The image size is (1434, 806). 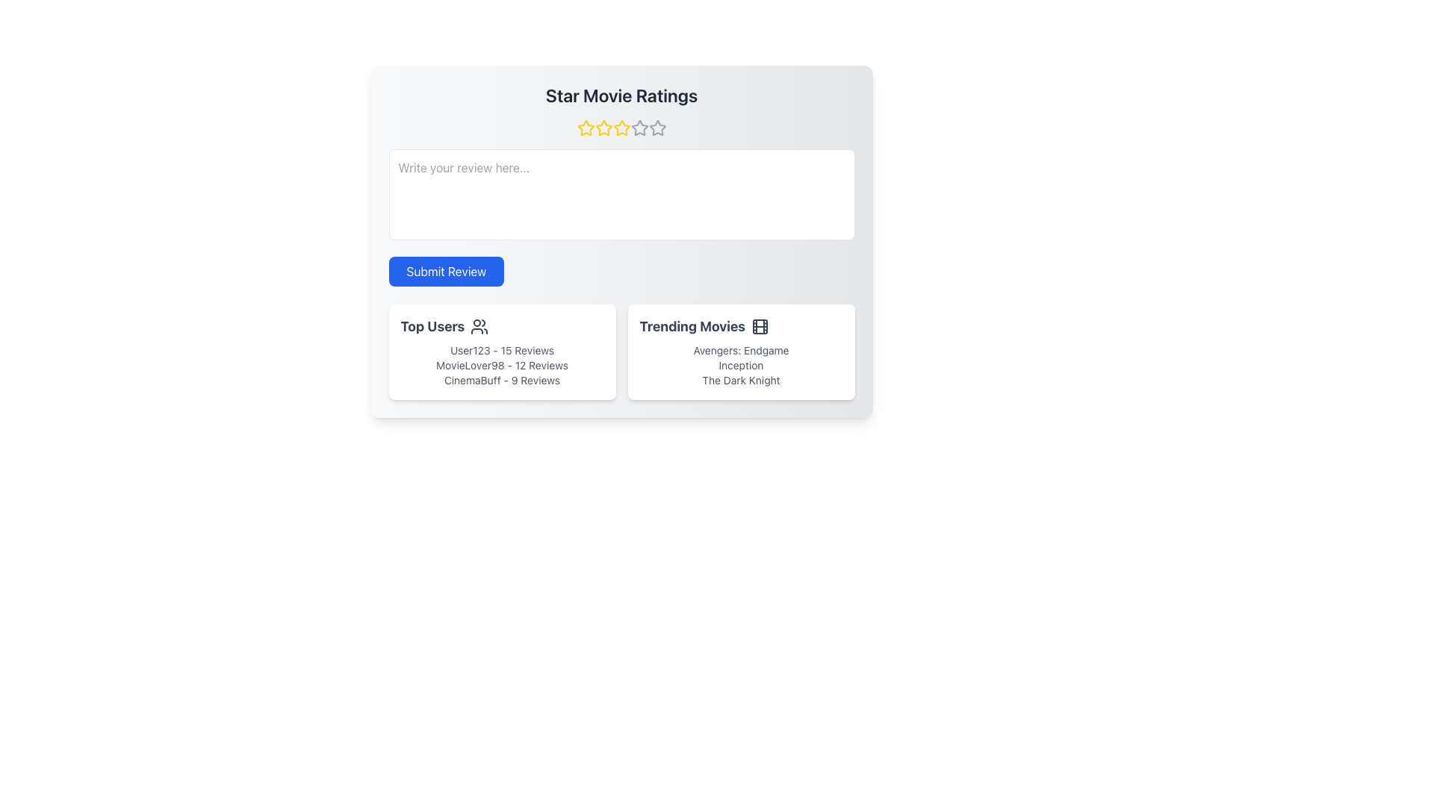 What do you see at coordinates (502, 365) in the screenshot?
I see `text label displaying 'MovieLover98 - 12 Reviews', which is the second item in the user reviews list under 'Top Users'` at bounding box center [502, 365].